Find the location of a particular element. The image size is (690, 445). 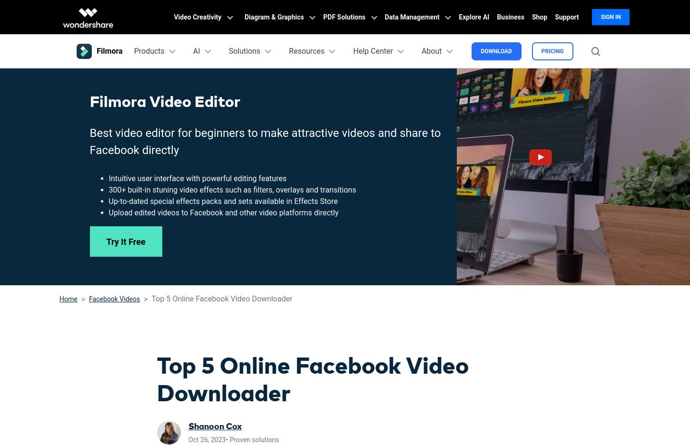

'Oct 26, 2023• Proven solutions' is located at coordinates (233, 439).